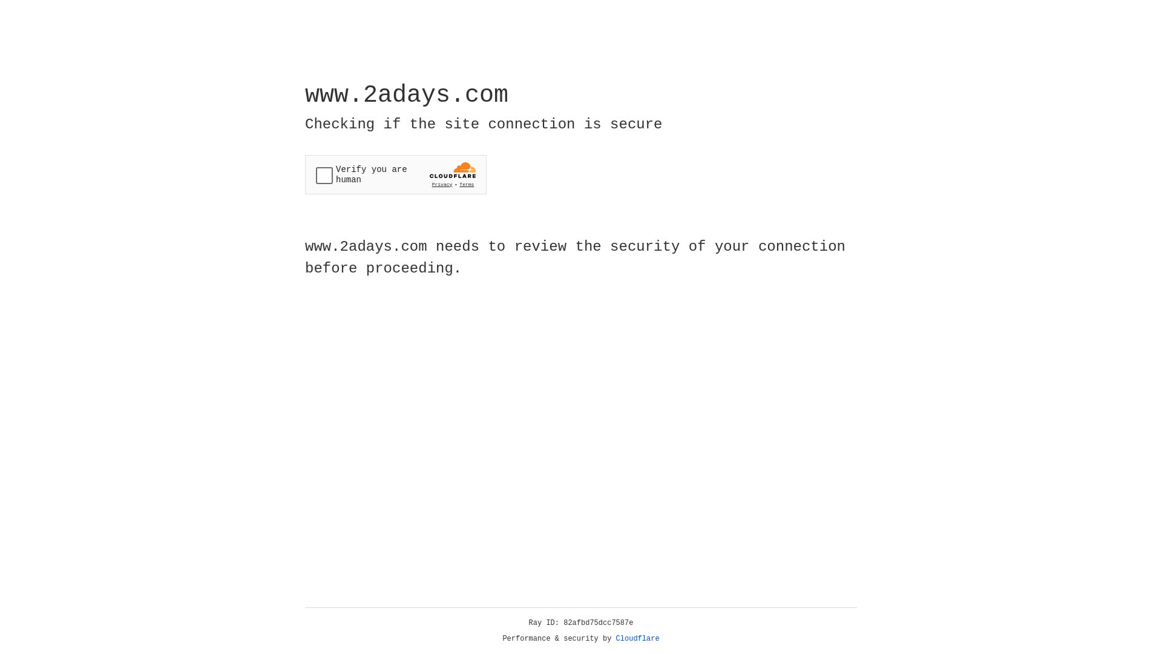 The image size is (1162, 654). What do you see at coordinates (637, 638) in the screenshot?
I see `'Cloudflare'` at bounding box center [637, 638].